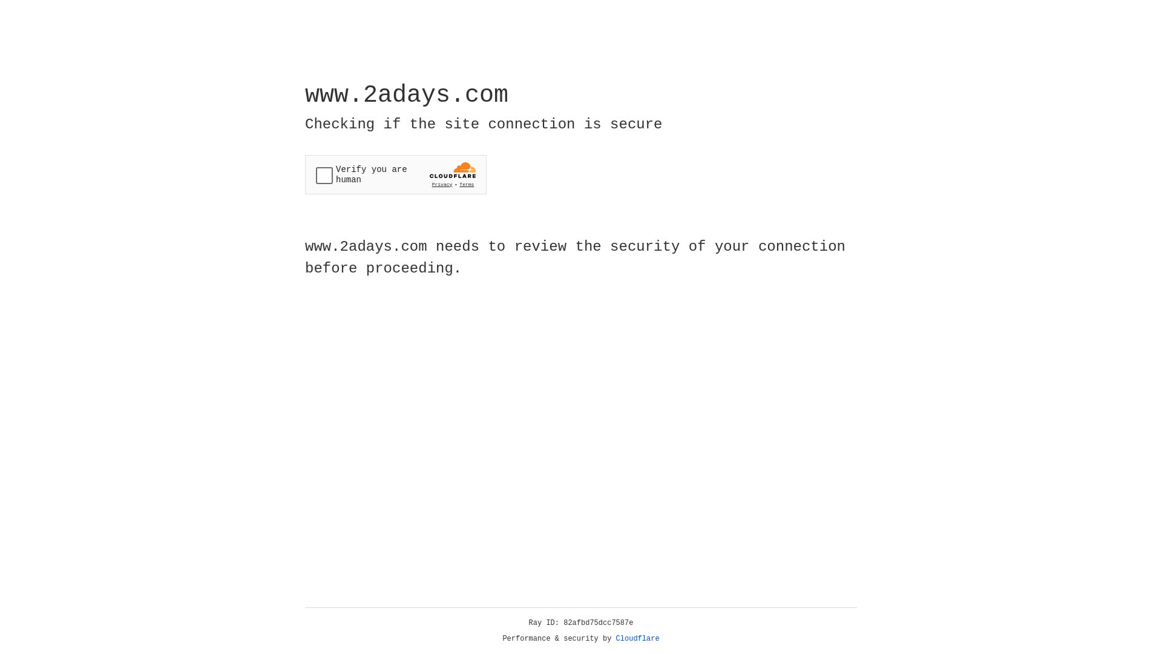 The image size is (1162, 654). What do you see at coordinates (637, 638) in the screenshot?
I see `'Cloudflare'` at bounding box center [637, 638].